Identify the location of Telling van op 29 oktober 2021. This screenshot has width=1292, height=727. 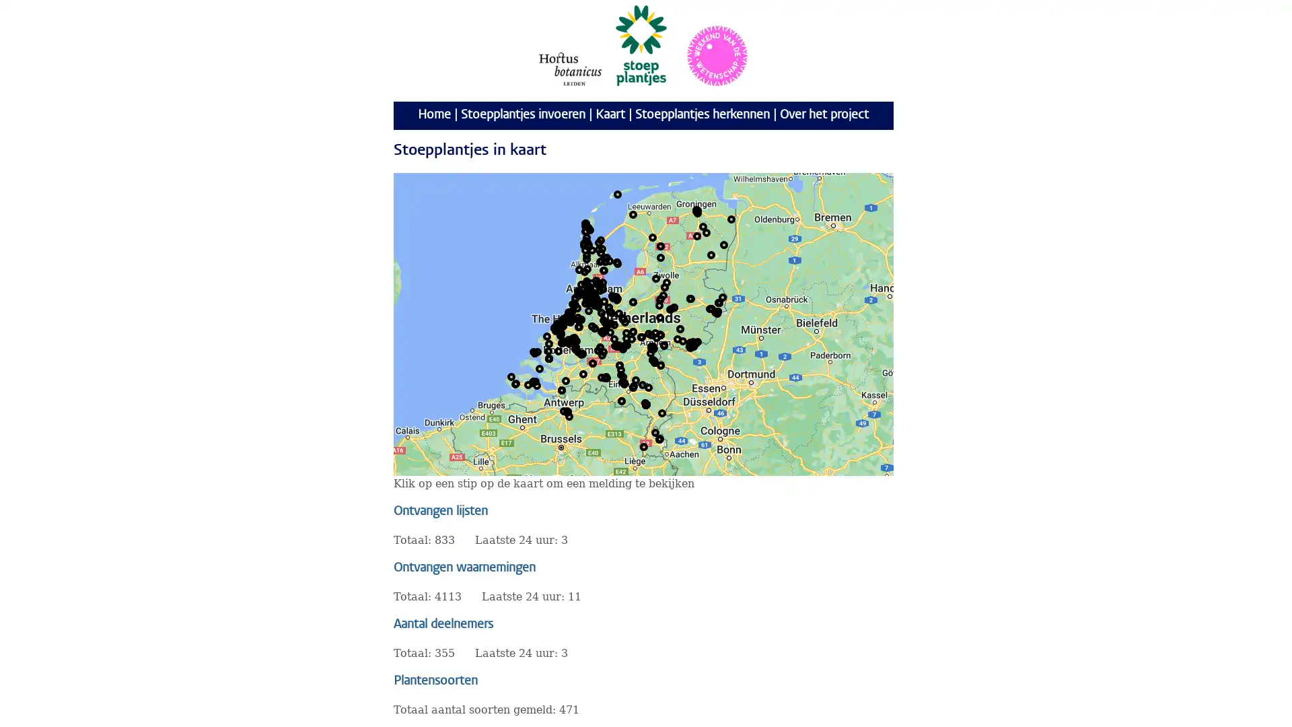
(568, 317).